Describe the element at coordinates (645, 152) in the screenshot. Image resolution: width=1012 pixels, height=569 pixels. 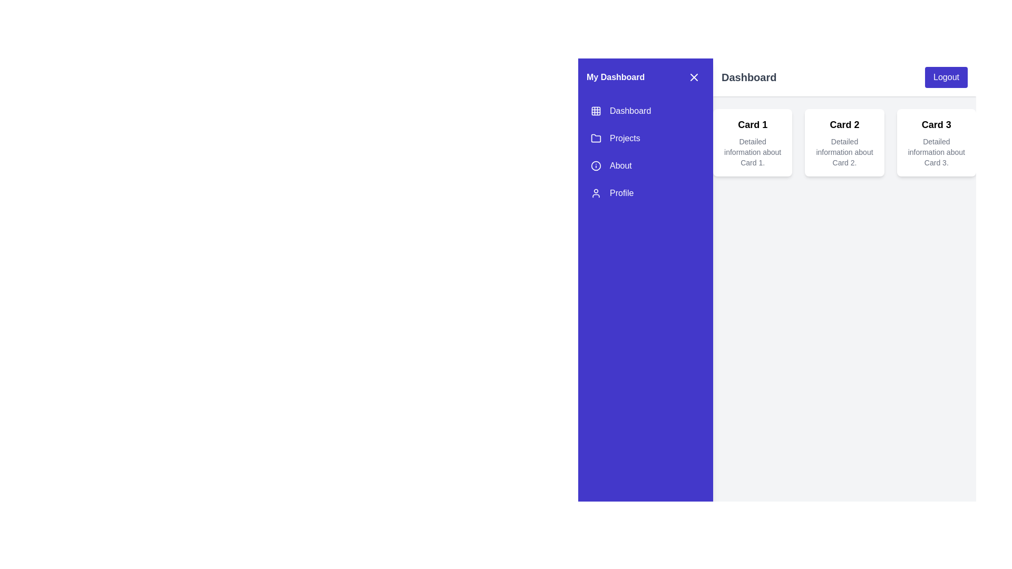
I see `the specific menu item in the Navigation menu located on the left sidebar` at that location.